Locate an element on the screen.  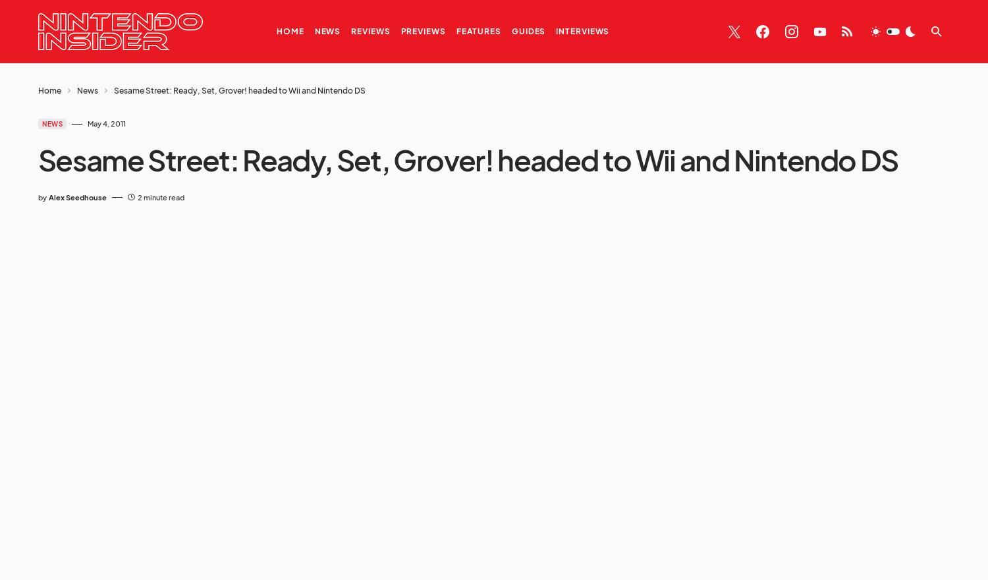
'Alex Seedhouse' is located at coordinates (77, 196).